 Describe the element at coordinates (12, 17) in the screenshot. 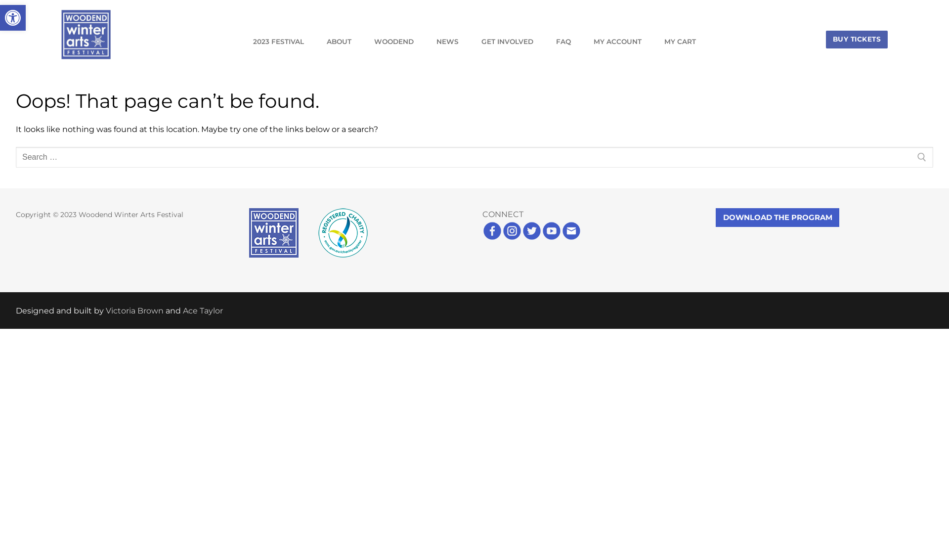

I see `'Open toolbar` at that location.